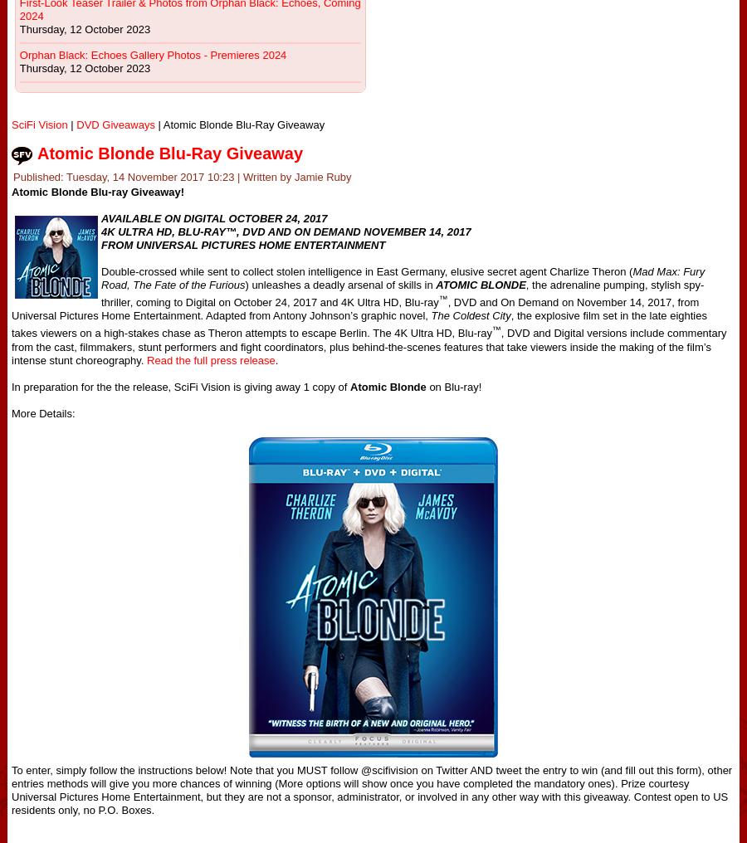 This screenshot has width=747, height=843. I want to click on ', the explosive film set in the late eighties takes viewers on a high-stakes chase as Theron attempts to escape Berlin. The 4K Ultra HD, Blu-ray', so click(359, 323).